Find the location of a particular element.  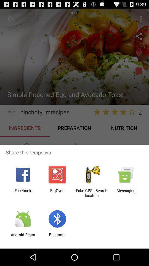

the android beam is located at coordinates (23, 237).